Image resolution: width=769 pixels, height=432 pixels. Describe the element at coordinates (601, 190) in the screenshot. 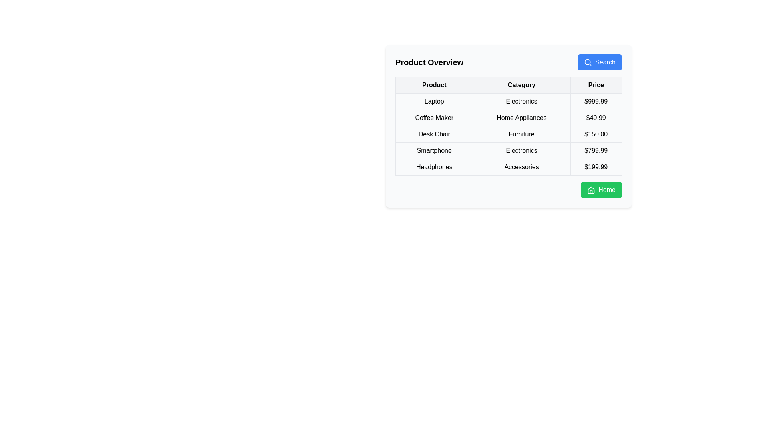

I see `the 'Home' button with a green background and a house icon` at that location.